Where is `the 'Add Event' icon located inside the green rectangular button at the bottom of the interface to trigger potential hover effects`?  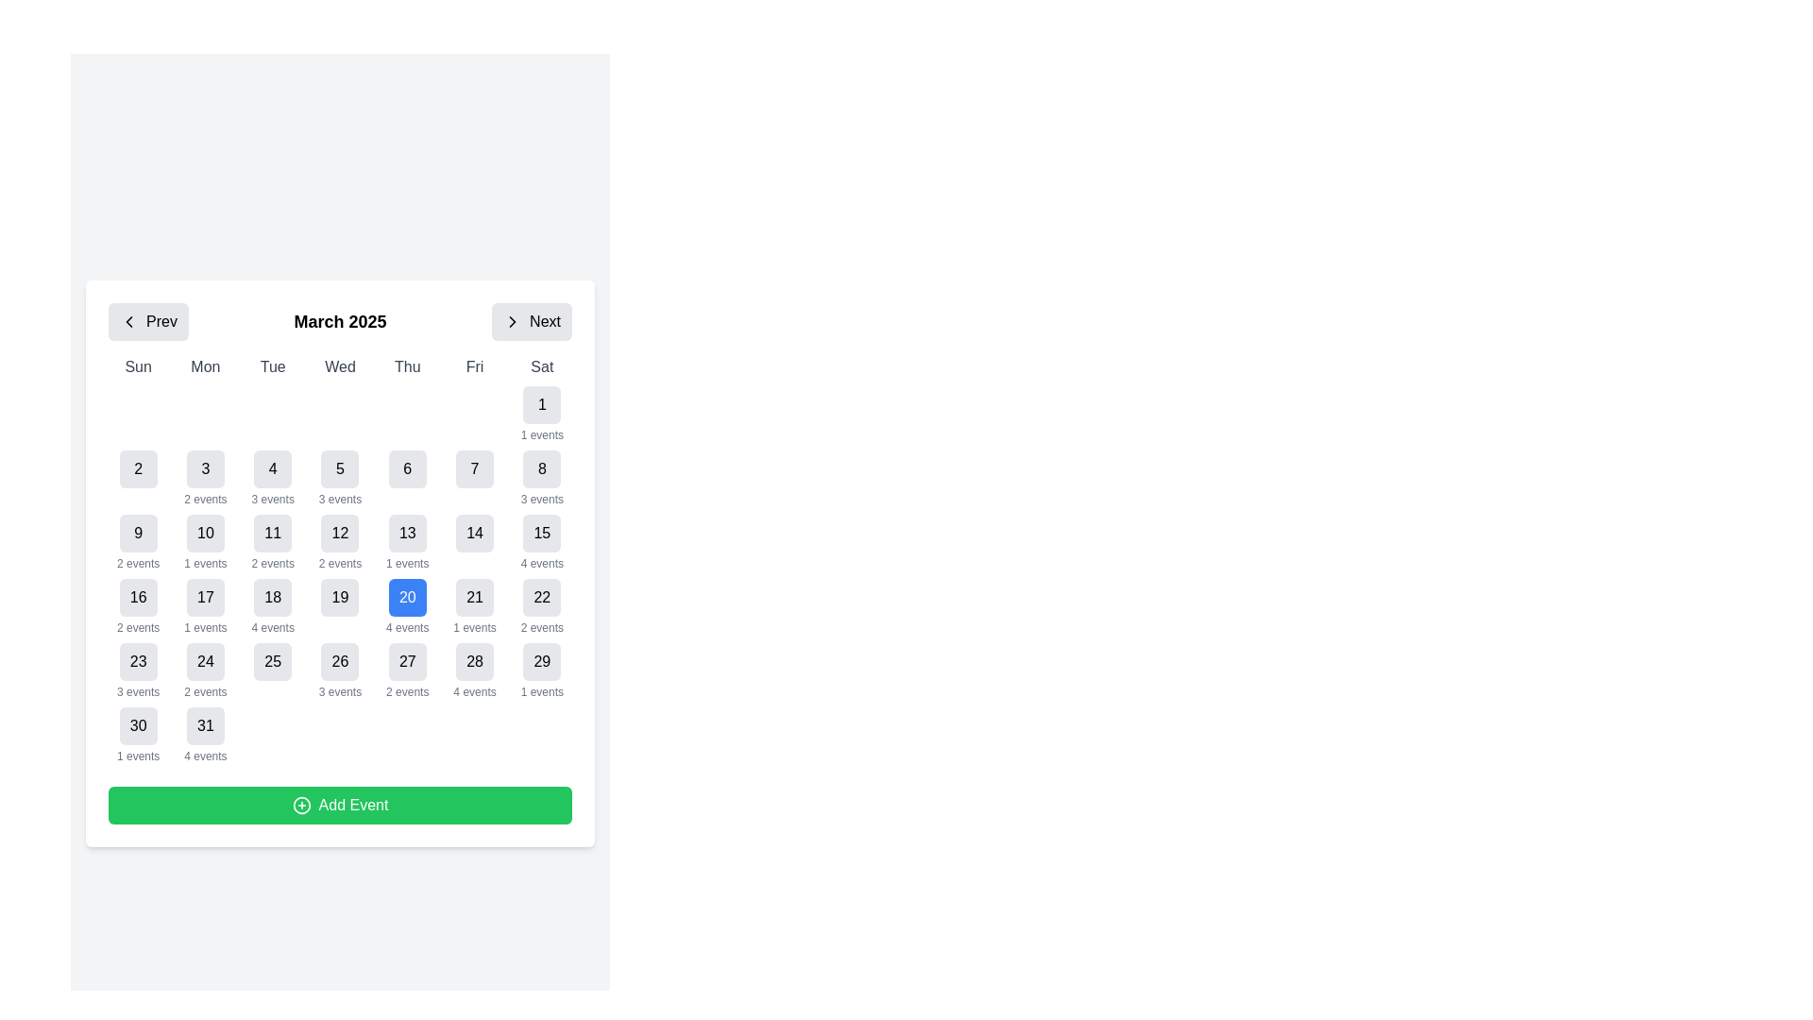 the 'Add Event' icon located inside the green rectangular button at the bottom of the interface to trigger potential hover effects is located at coordinates (300, 805).